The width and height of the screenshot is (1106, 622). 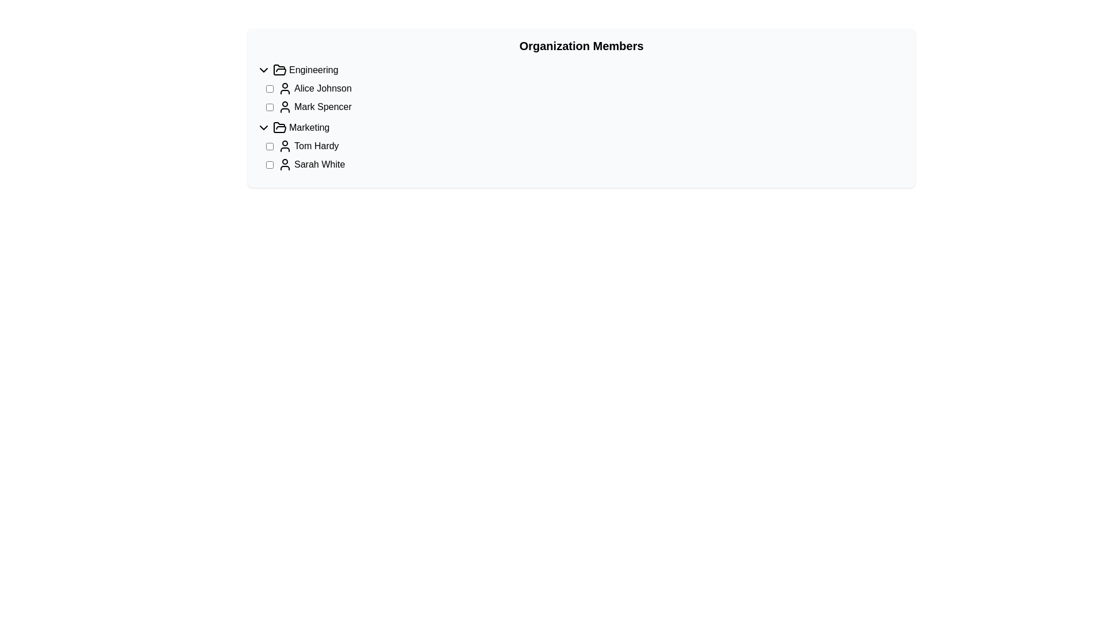 I want to click on the user icon representing 'Alice Johnson', which is a simplistic black SVG icon located to the left of the text label in the 'Engineering' group under 'Organization Members', so click(x=285, y=88).